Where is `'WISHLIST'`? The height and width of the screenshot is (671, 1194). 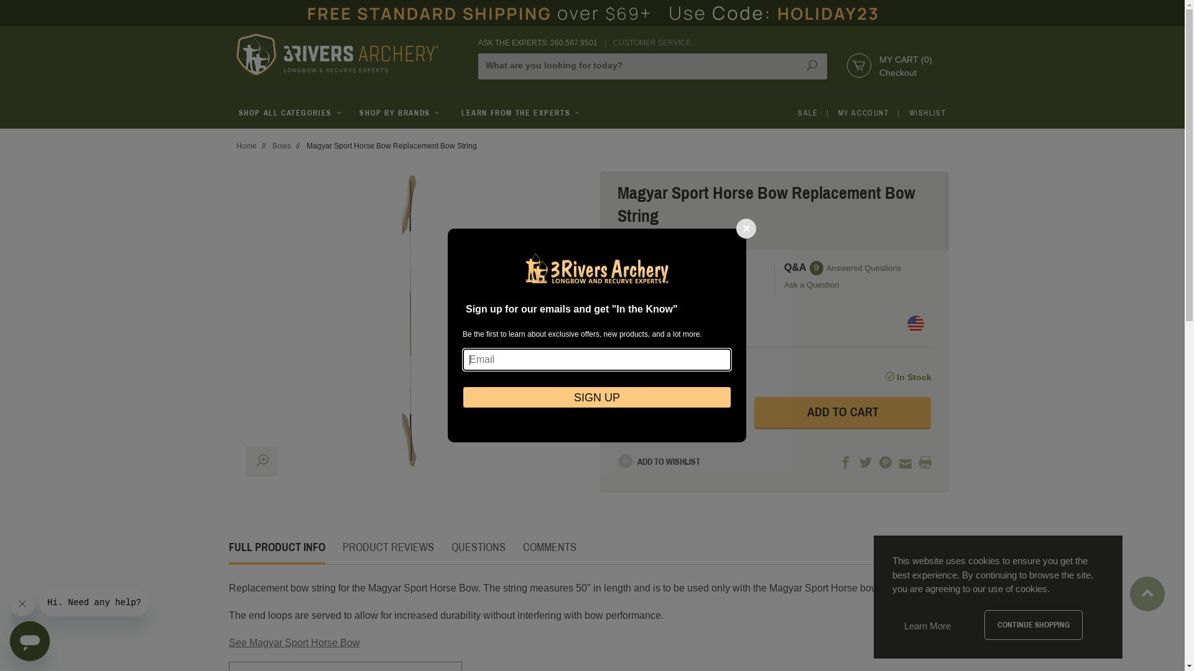
'WISHLIST' is located at coordinates (928, 113).